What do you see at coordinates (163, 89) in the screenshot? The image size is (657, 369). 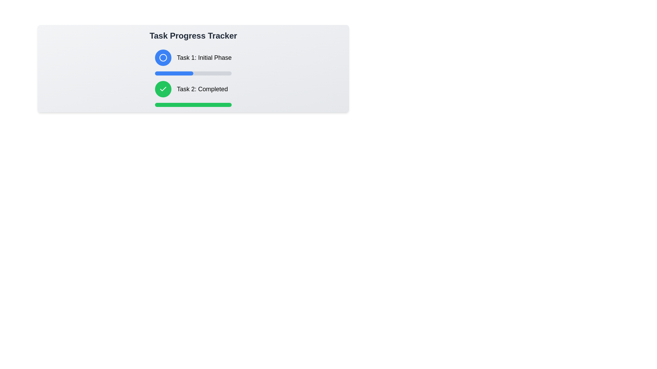 I see `the Icon button or status indicator located` at bounding box center [163, 89].